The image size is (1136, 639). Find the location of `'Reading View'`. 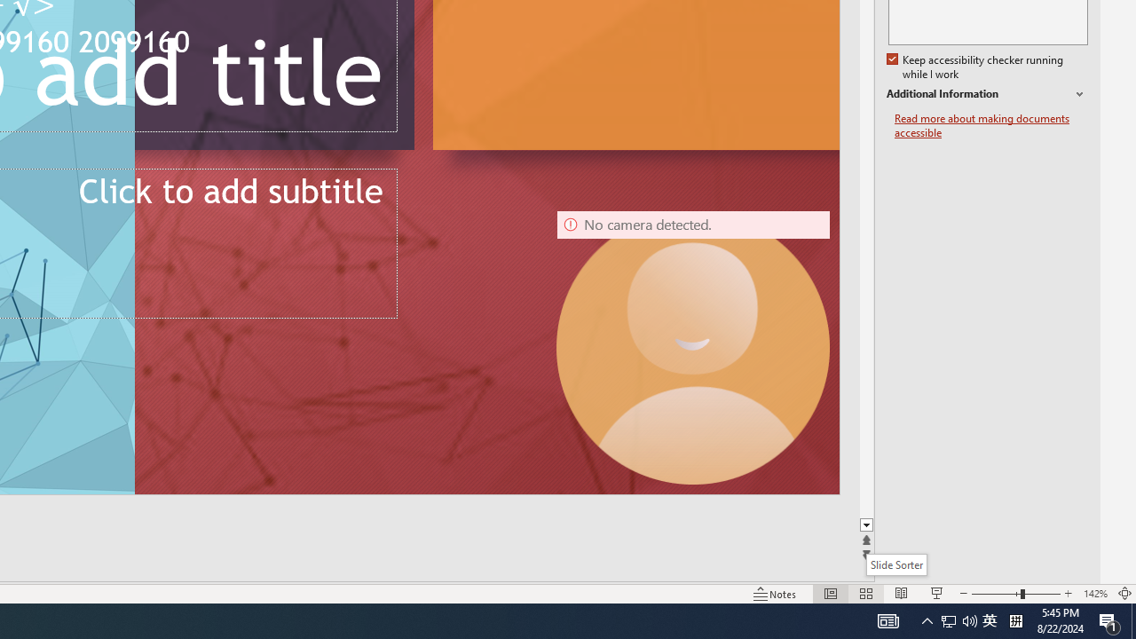

'Reading View' is located at coordinates (901, 594).